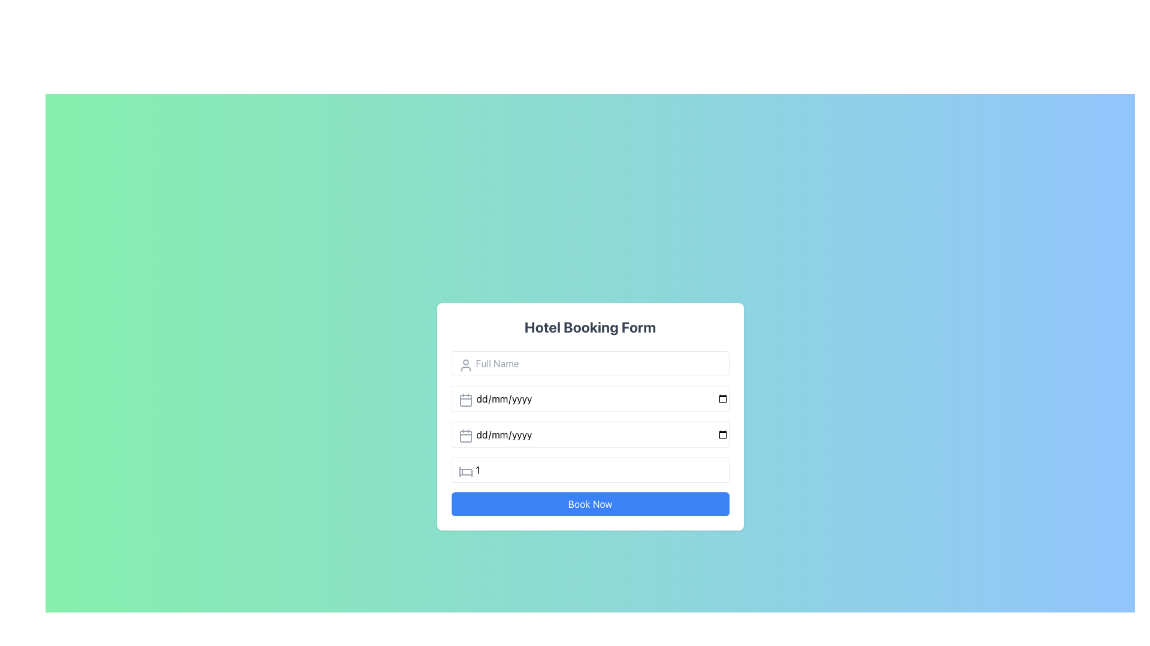  I want to click on the user silhouette icon located at the top-left corner of the 'Full Name' text input field in the 'Hotel Booking Form', so click(465, 364).